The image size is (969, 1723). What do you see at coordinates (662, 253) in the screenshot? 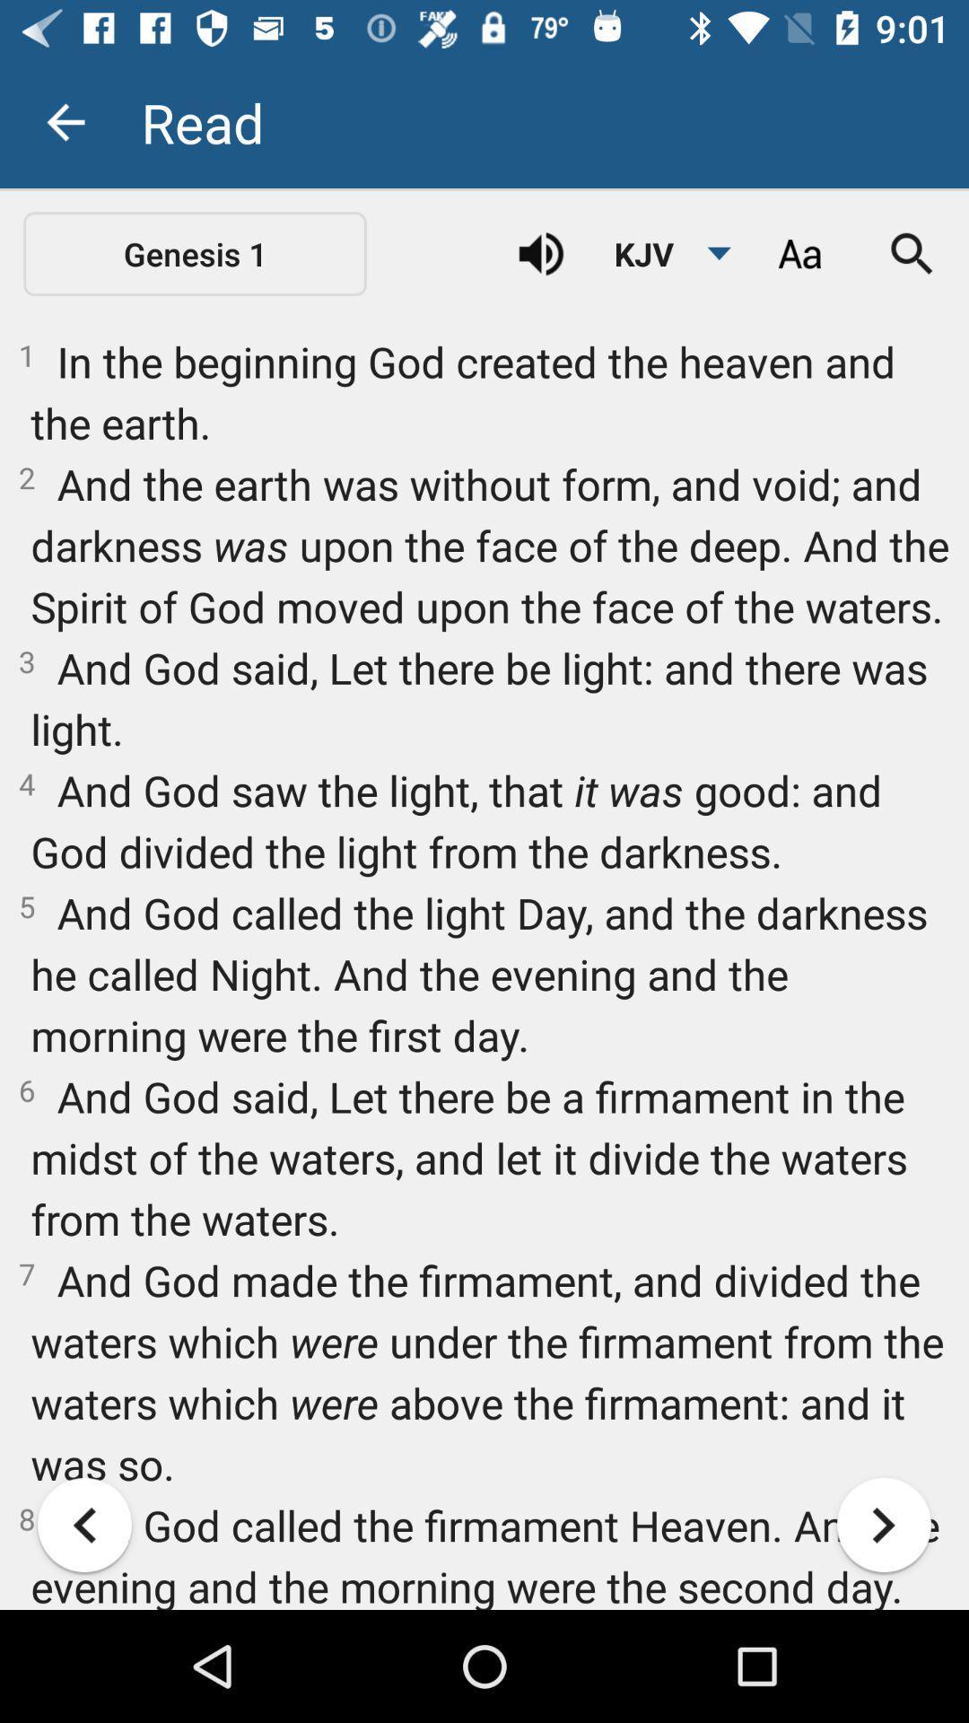
I see `the kjv` at bounding box center [662, 253].